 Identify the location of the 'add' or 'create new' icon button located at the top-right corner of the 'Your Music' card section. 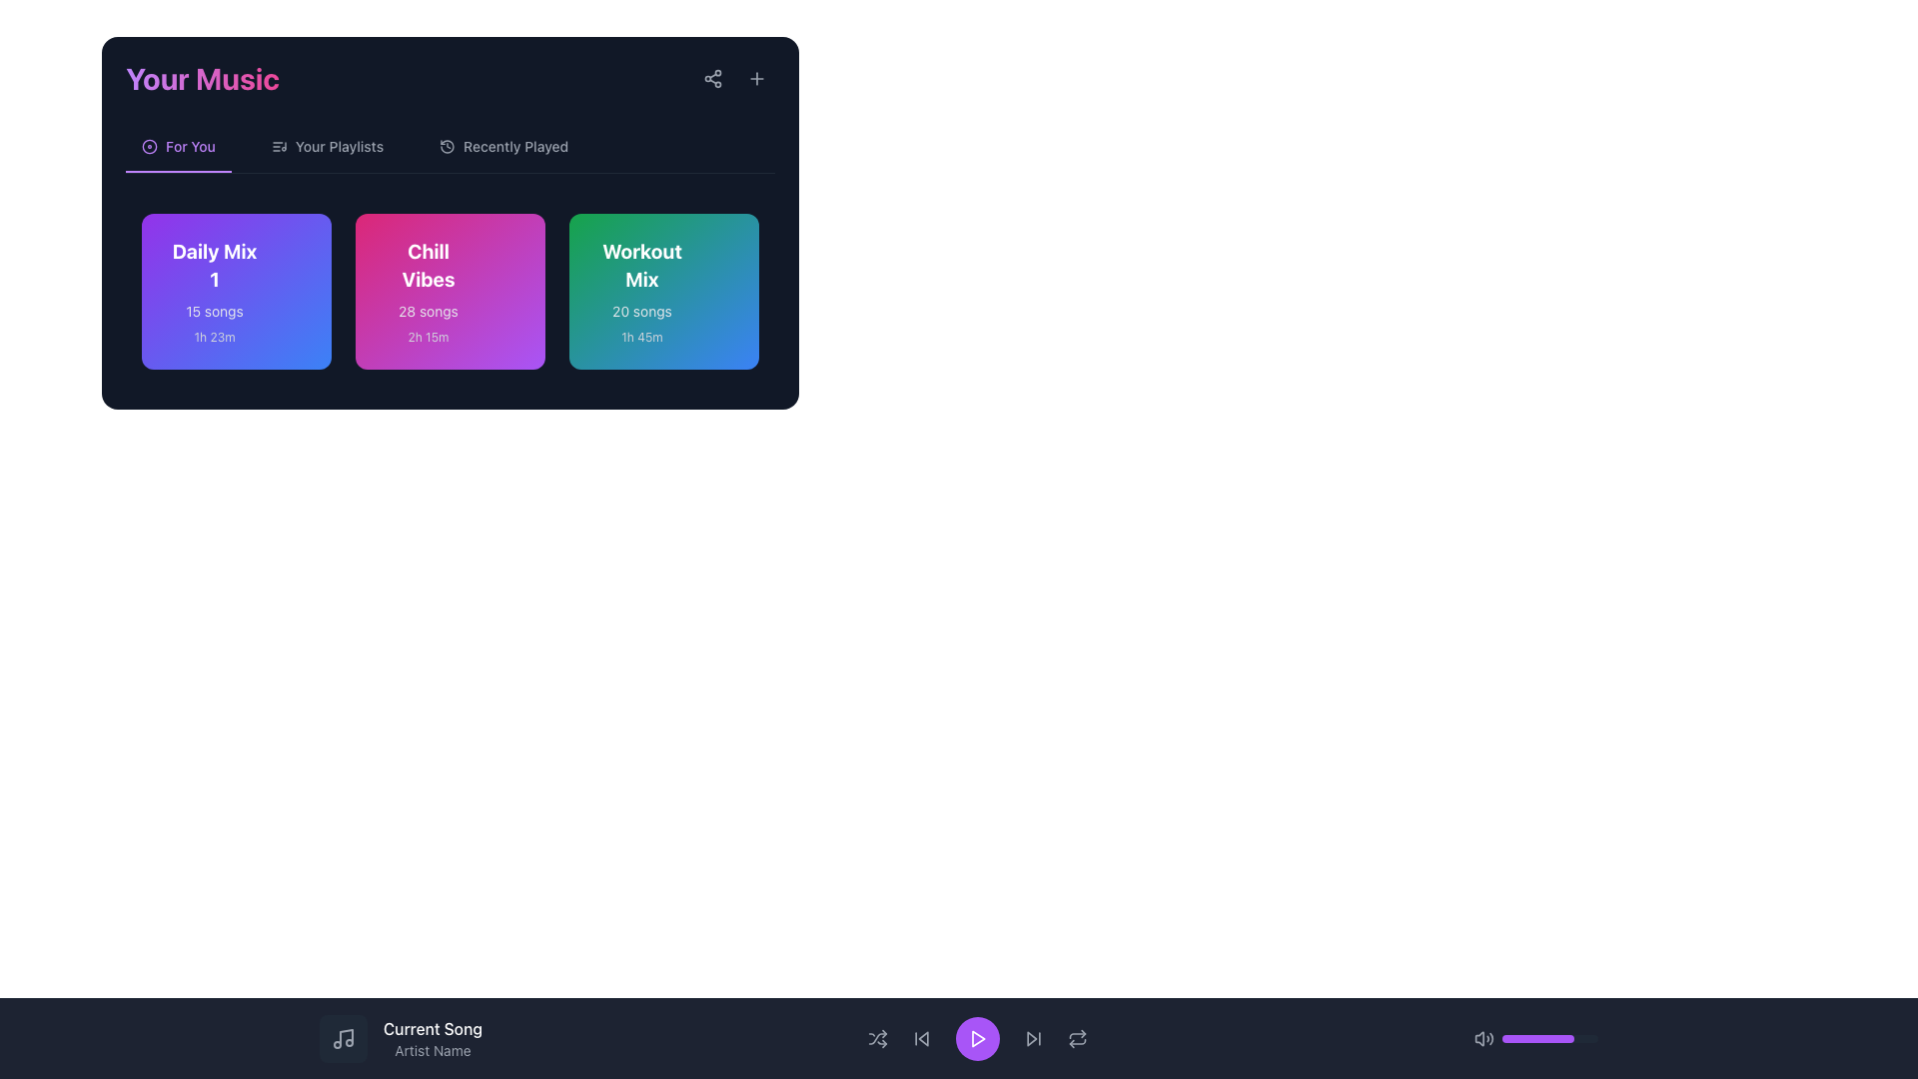
(756, 77).